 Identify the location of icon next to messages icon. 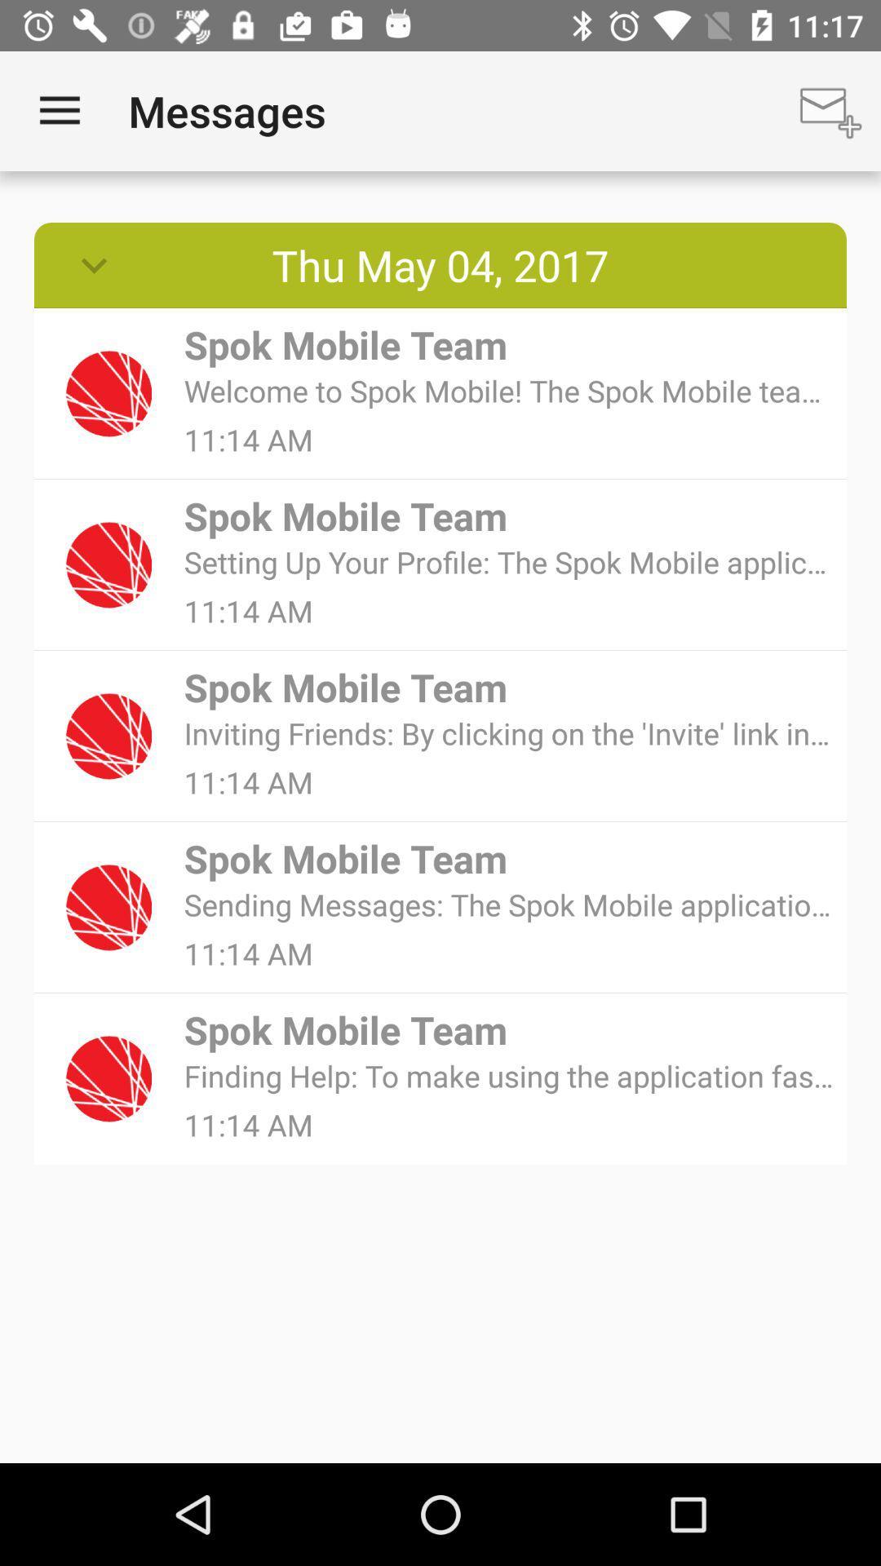
(59, 110).